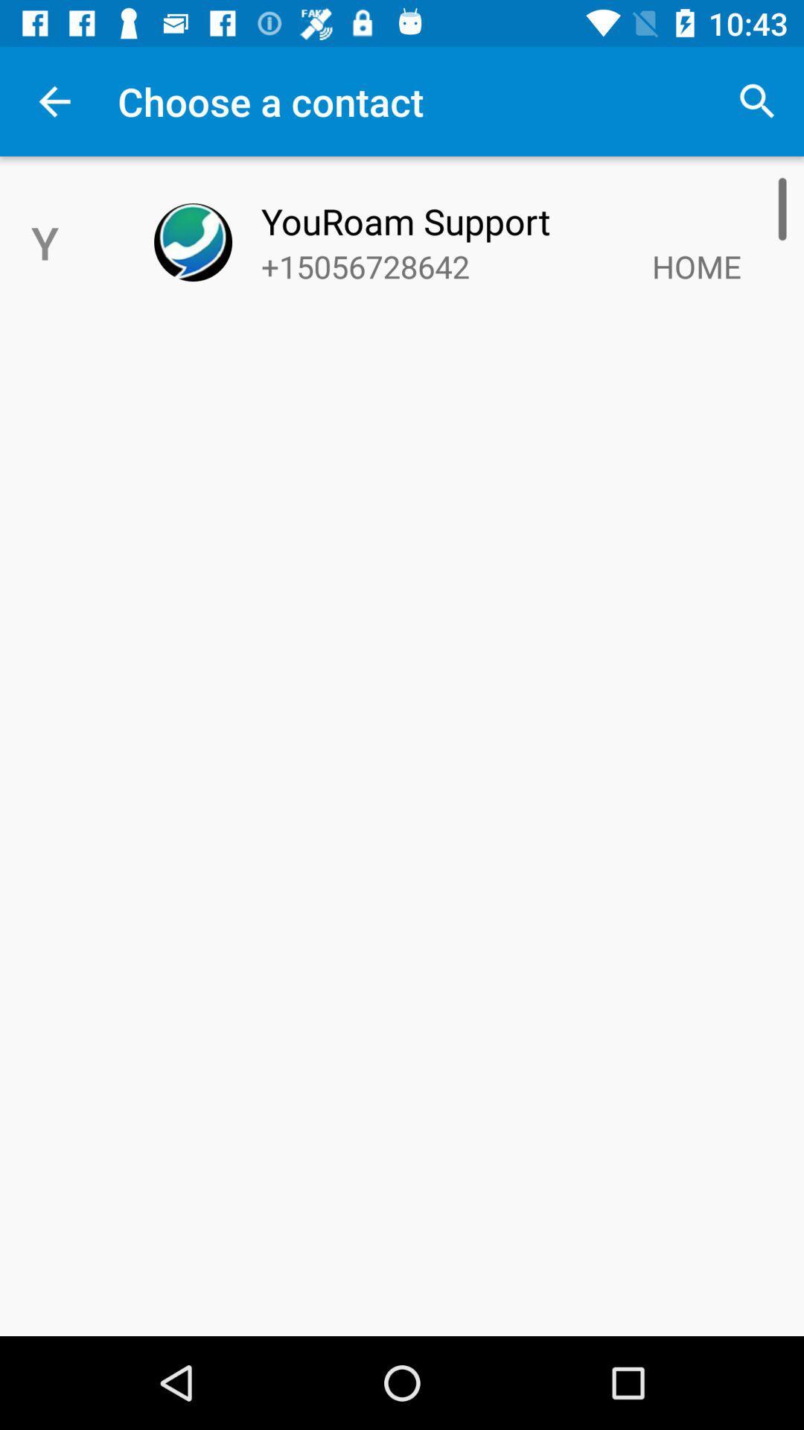  What do you see at coordinates (757, 101) in the screenshot?
I see `the icon to the right of the choose a contact item` at bounding box center [757, 101].